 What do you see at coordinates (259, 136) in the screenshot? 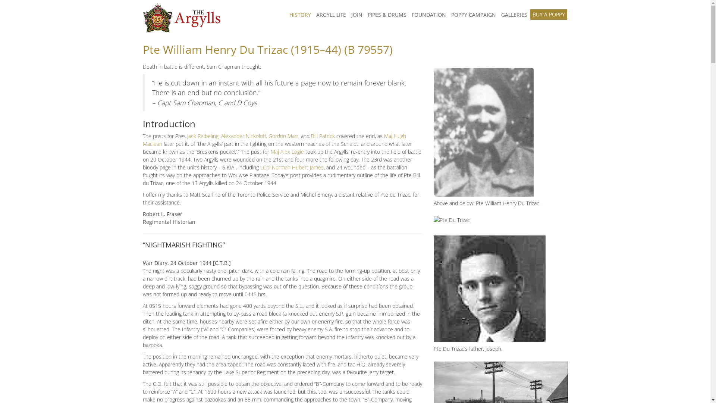
I see `'Alexander Nickoloff, Gordon Marr'` at bounding box center [259, 136].